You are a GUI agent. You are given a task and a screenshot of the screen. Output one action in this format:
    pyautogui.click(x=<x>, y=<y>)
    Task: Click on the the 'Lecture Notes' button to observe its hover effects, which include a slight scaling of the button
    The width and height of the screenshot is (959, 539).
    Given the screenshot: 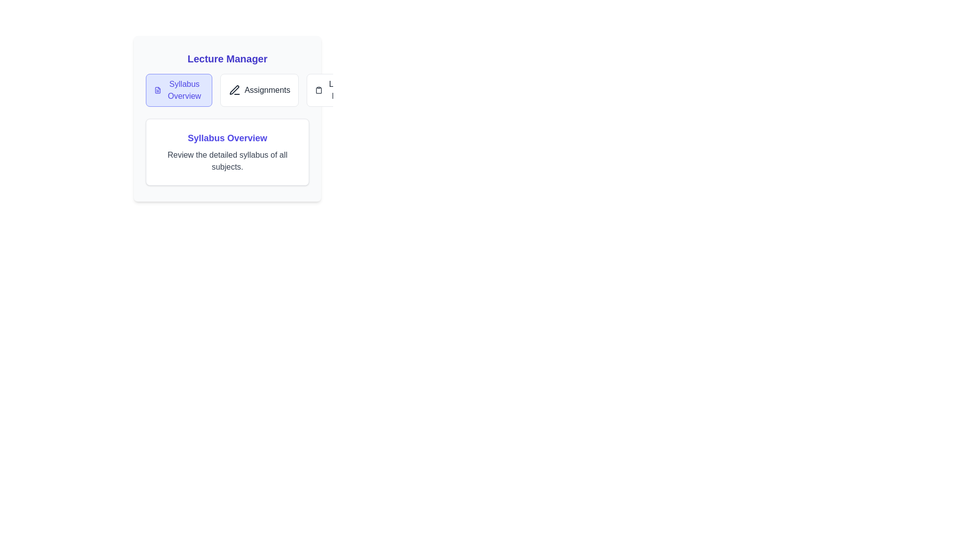 What is the action you would take?
    pyautogui.click(x=342, y=90)
    